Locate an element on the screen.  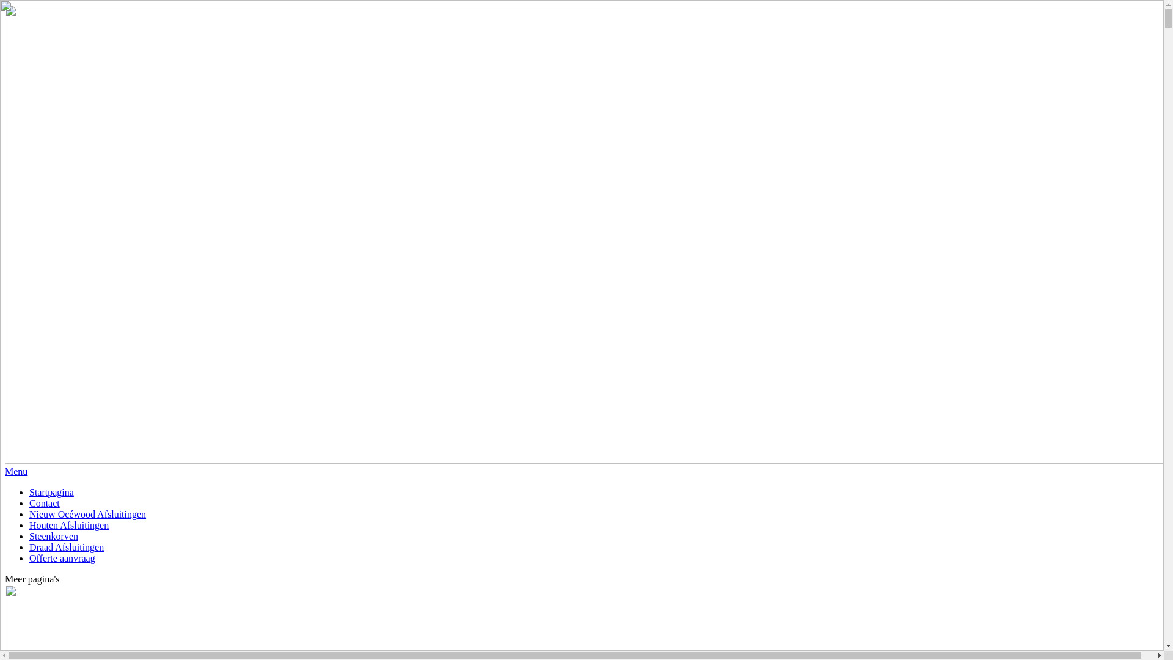
'Offerte aanvraag' is located at coordinates (61, 558).